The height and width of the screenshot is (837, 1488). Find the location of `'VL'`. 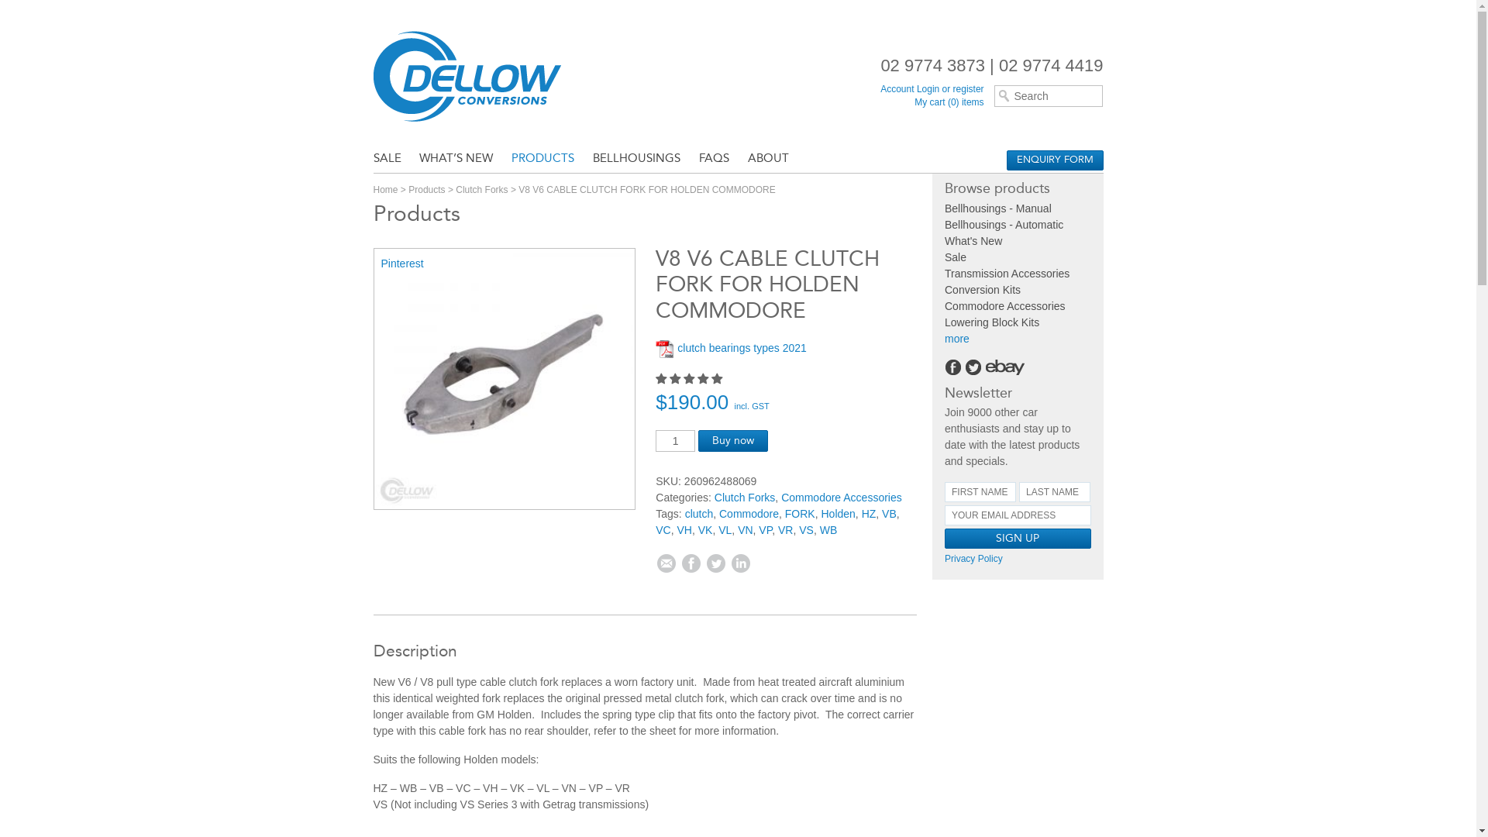

'VL' is located at coordinates (724, 529).